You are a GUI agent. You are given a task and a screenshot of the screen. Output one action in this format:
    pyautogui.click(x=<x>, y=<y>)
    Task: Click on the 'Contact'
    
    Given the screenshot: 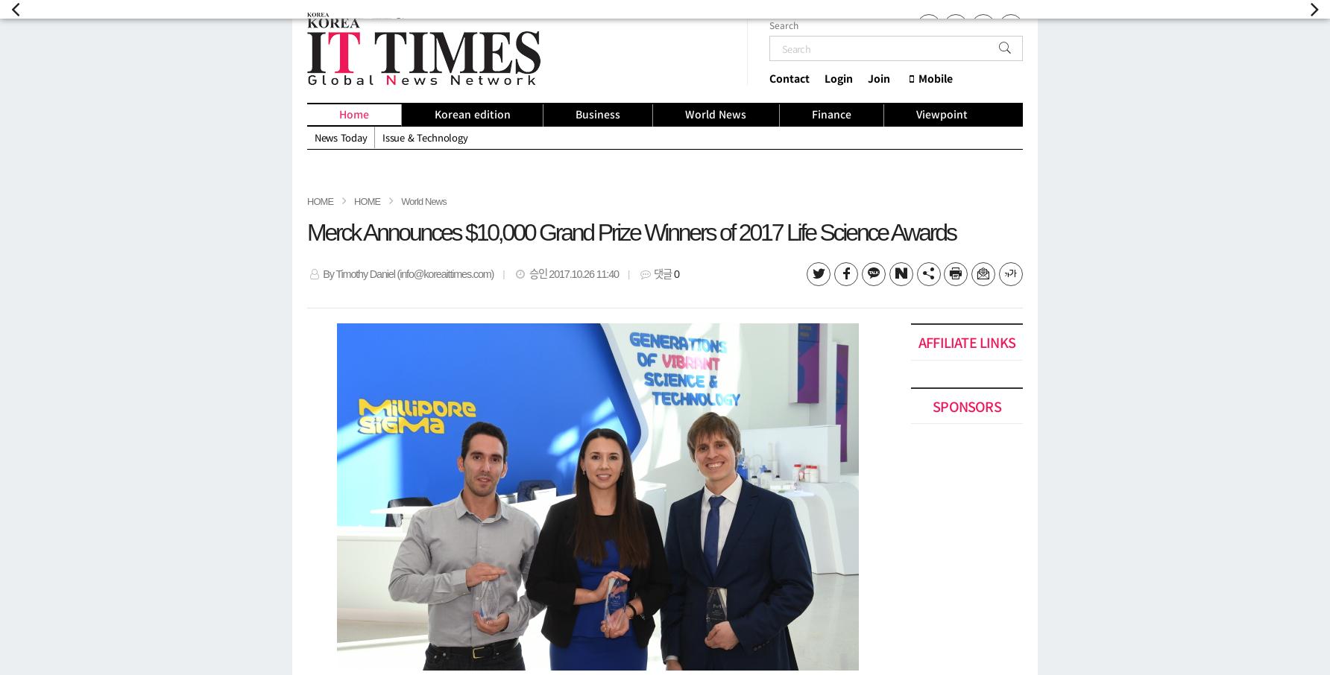 What is the action you would take?
    pyautogui.click(x=769, y=77)
    